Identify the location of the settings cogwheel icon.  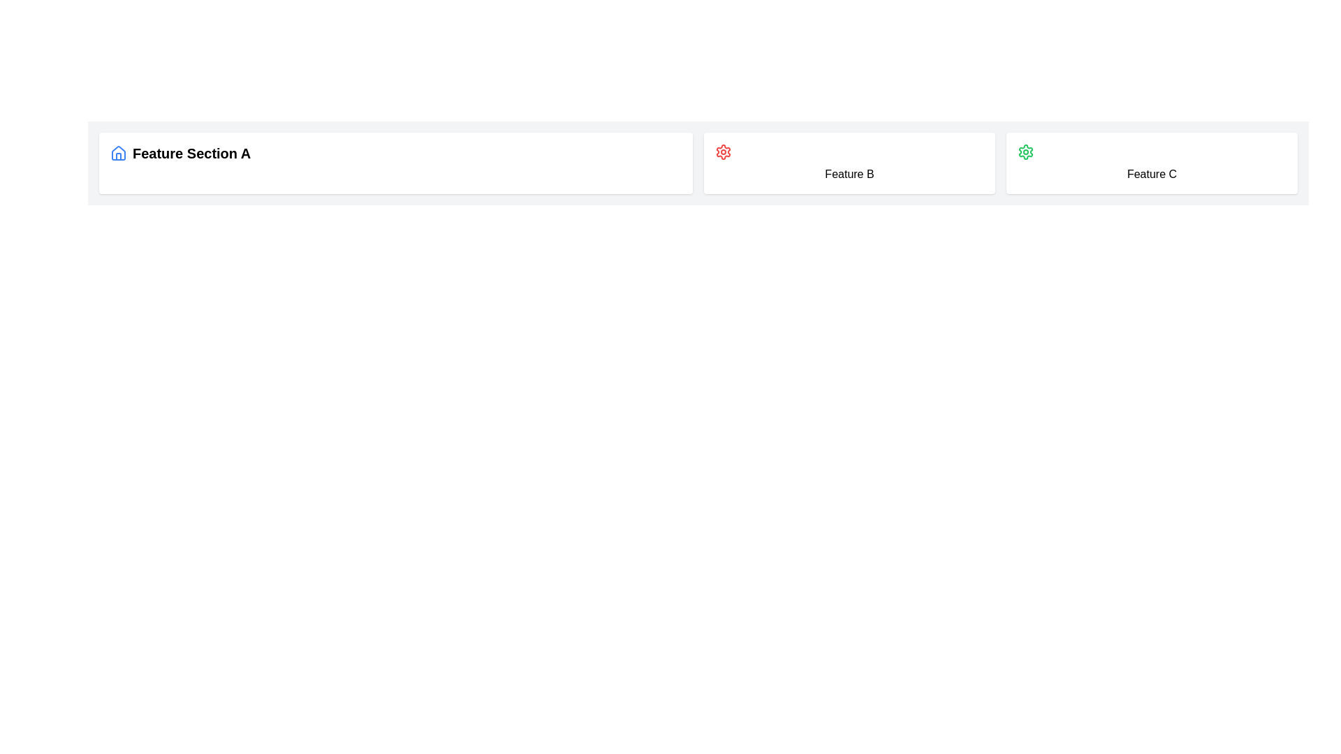
(1025, 152).